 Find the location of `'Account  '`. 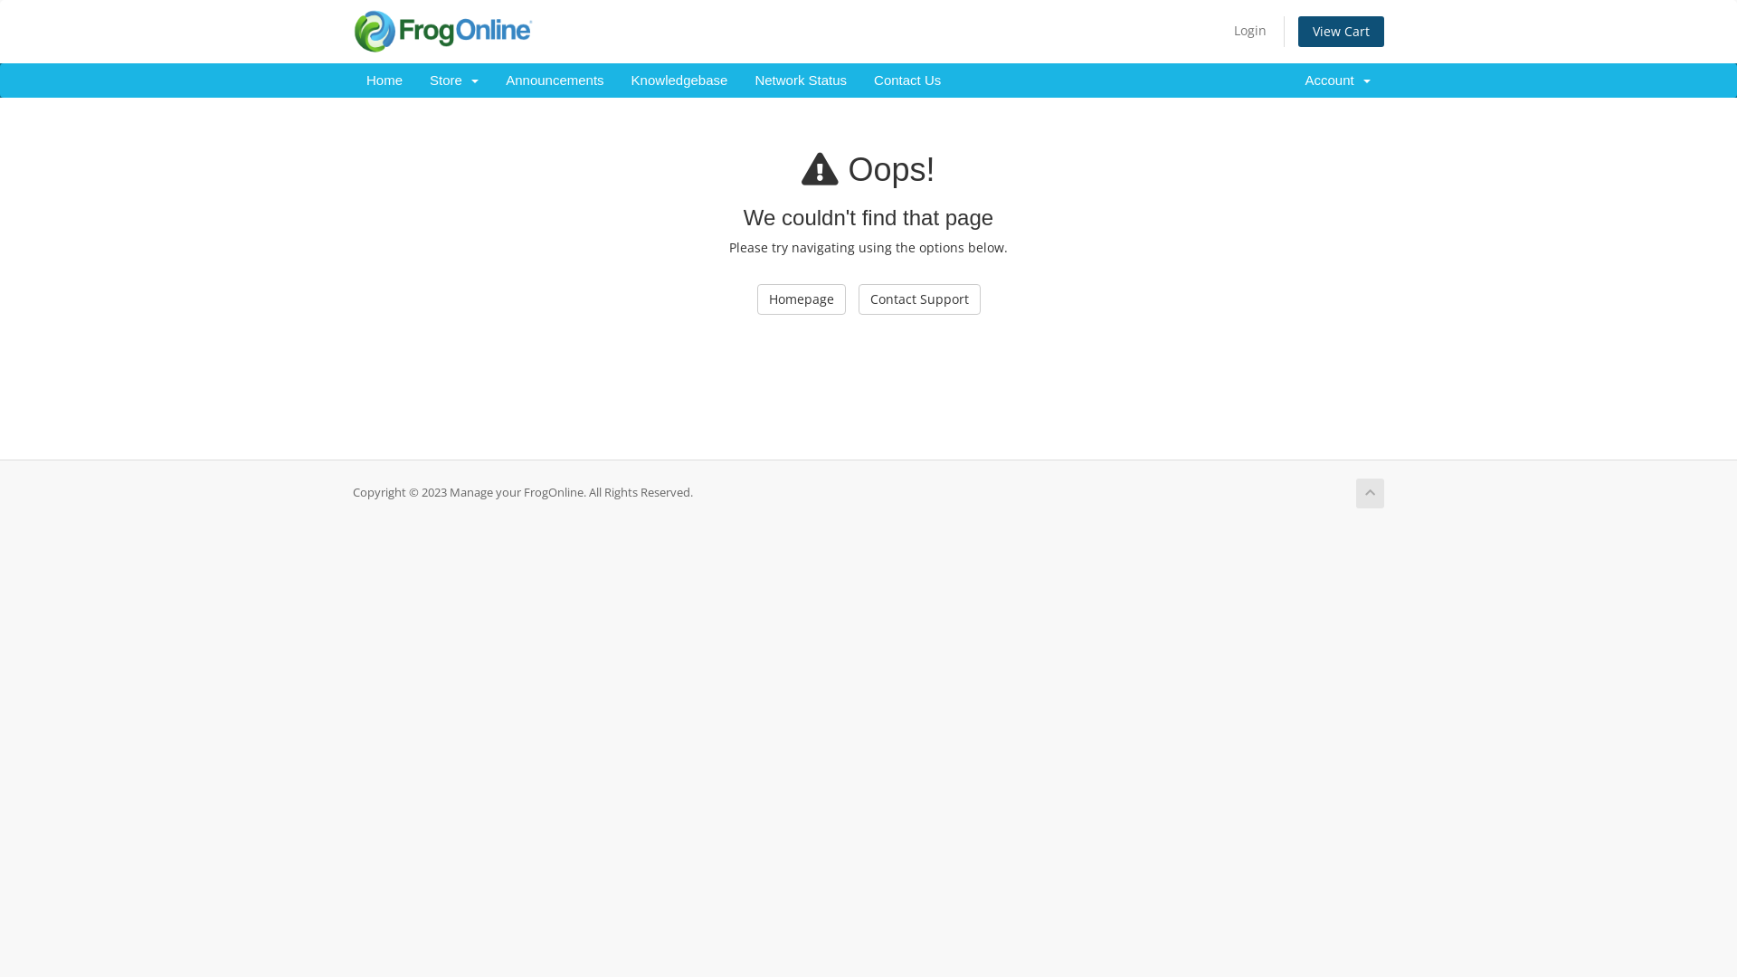

'Account  ' is located at coordinates (1289, 79).